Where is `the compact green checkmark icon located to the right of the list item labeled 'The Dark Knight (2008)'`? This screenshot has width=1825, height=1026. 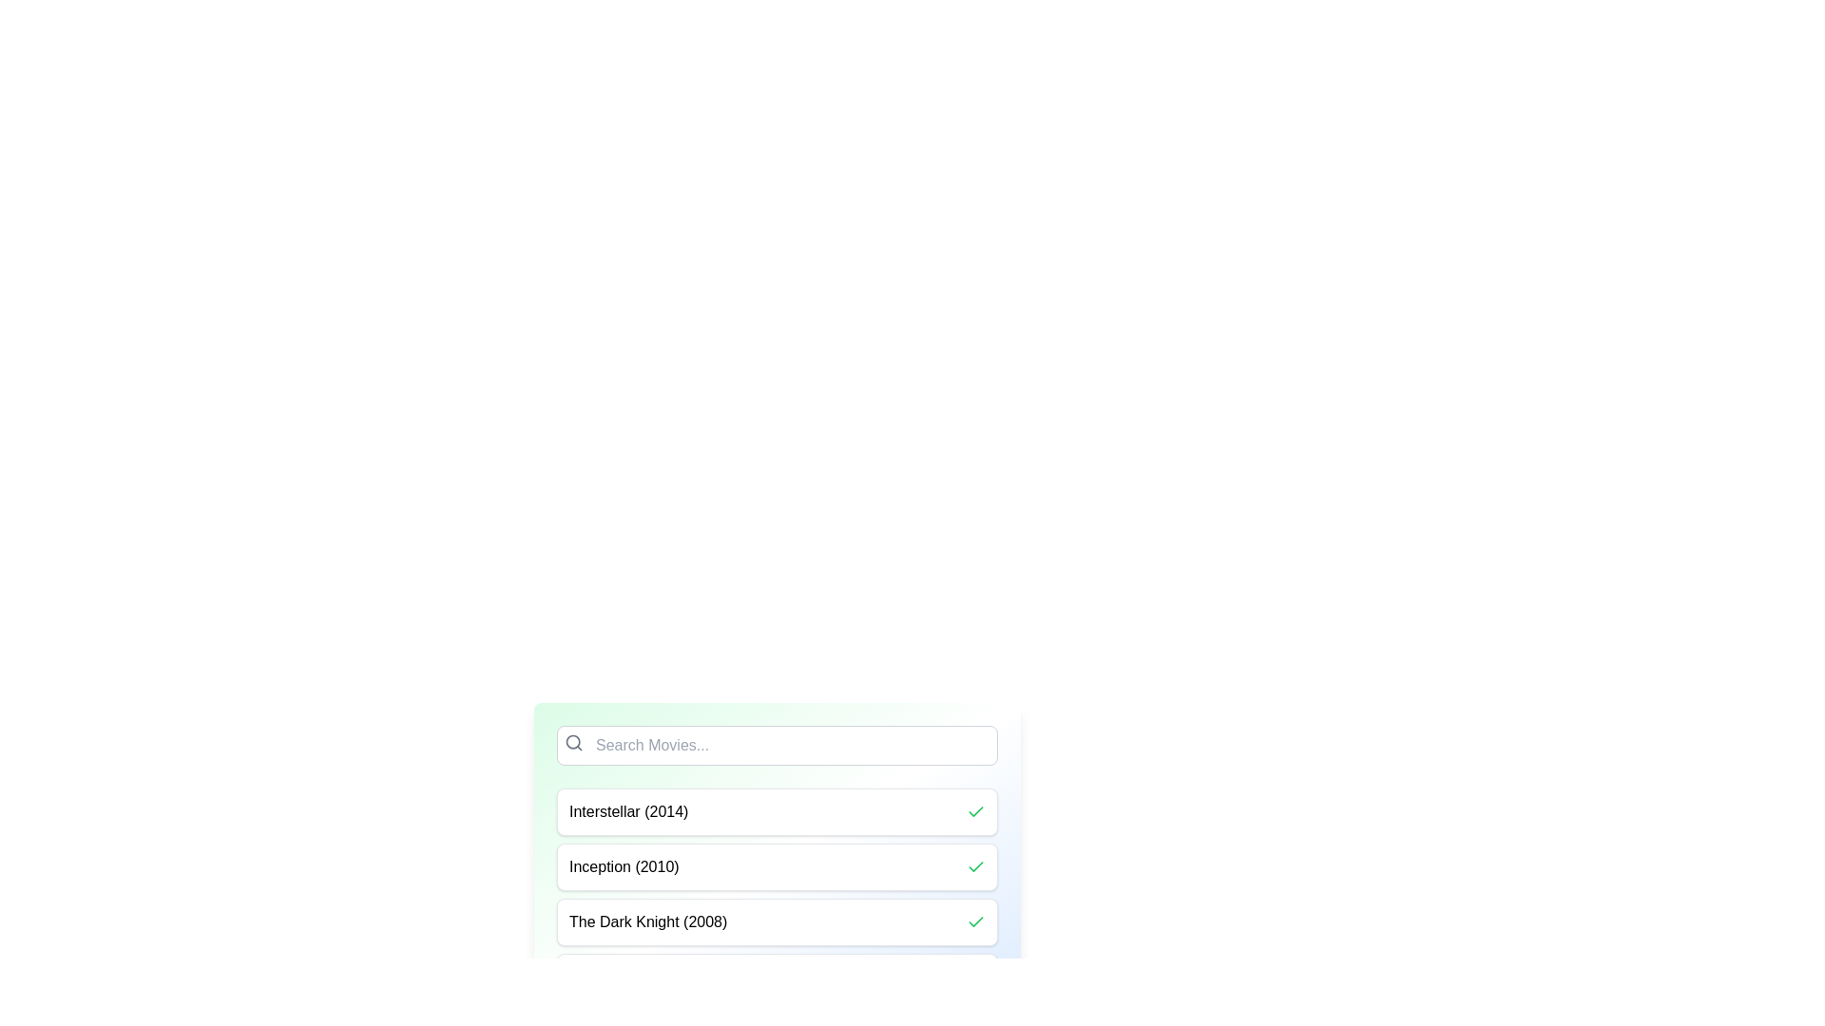
the compact green checkmark icon located to the right of the list item labeled 'The Dark Knight (2008)' is located at coordinates (976, 921).